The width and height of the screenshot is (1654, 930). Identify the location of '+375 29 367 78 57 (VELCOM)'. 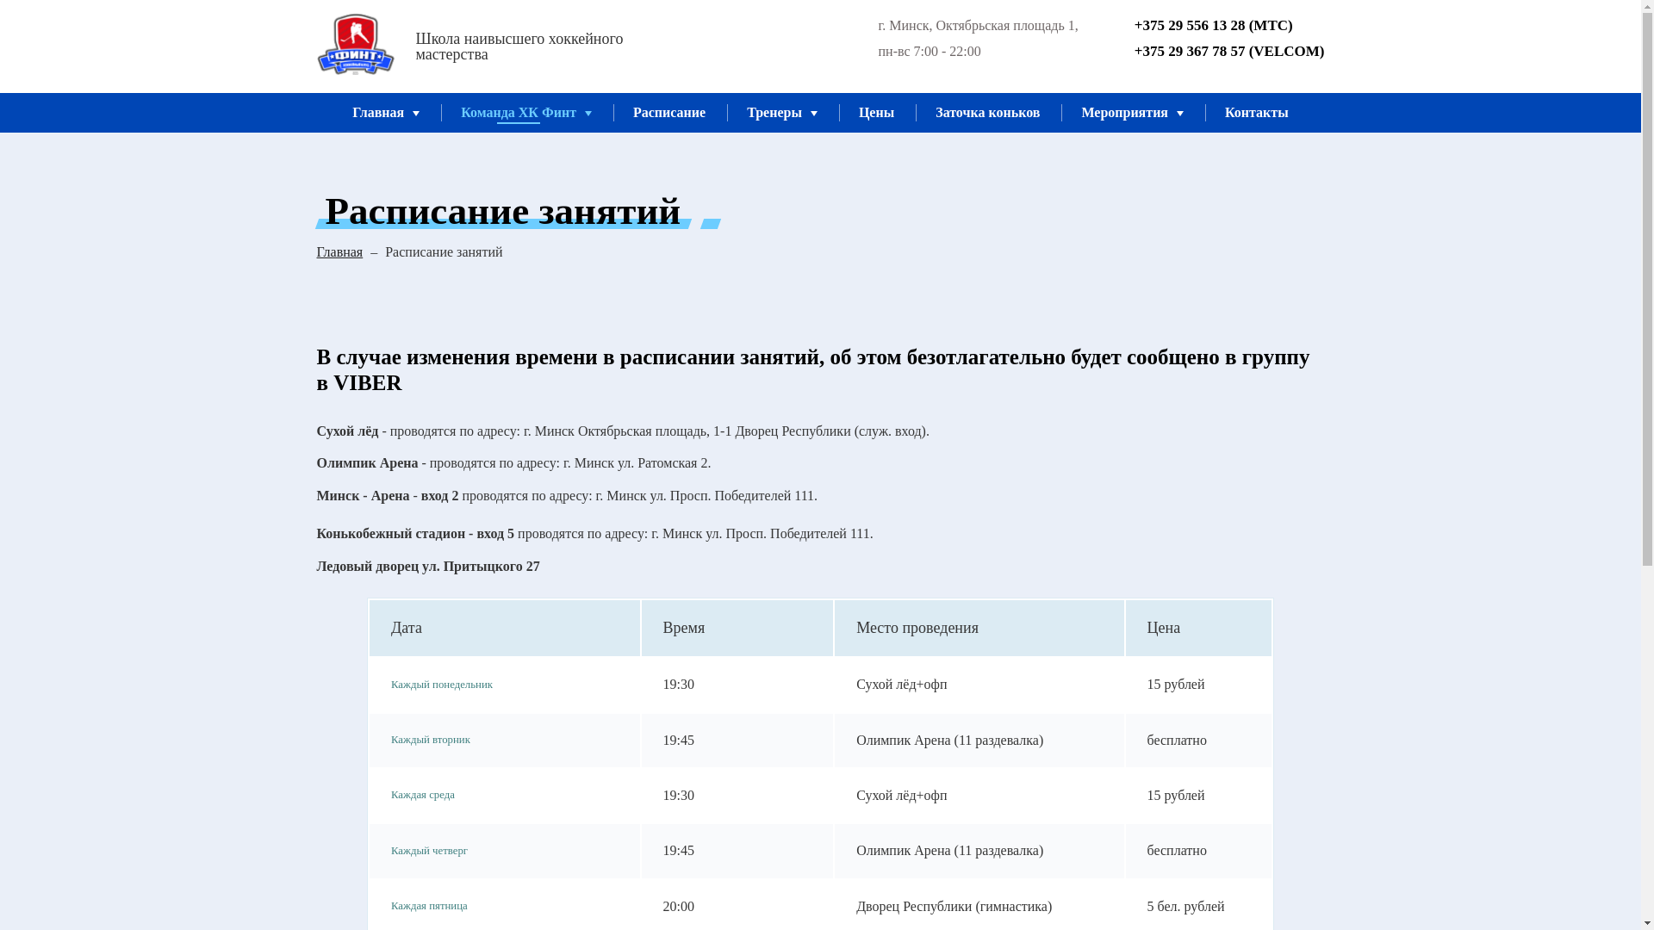
(1216, 51).